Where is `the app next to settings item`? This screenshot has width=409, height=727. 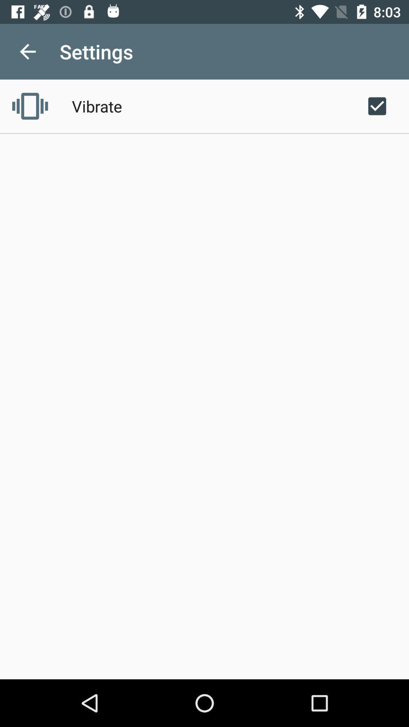
the app next to settings item is located at coordinates (27, 51).